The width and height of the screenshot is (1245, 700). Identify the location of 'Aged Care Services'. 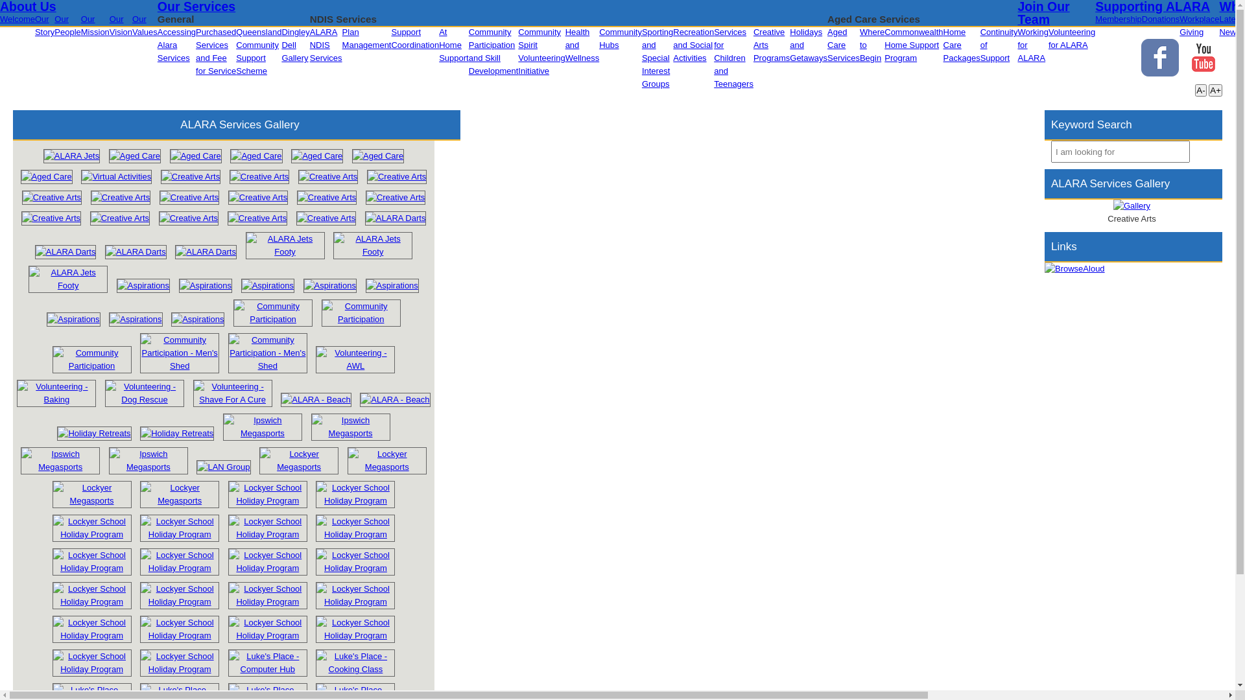
(843, 44).